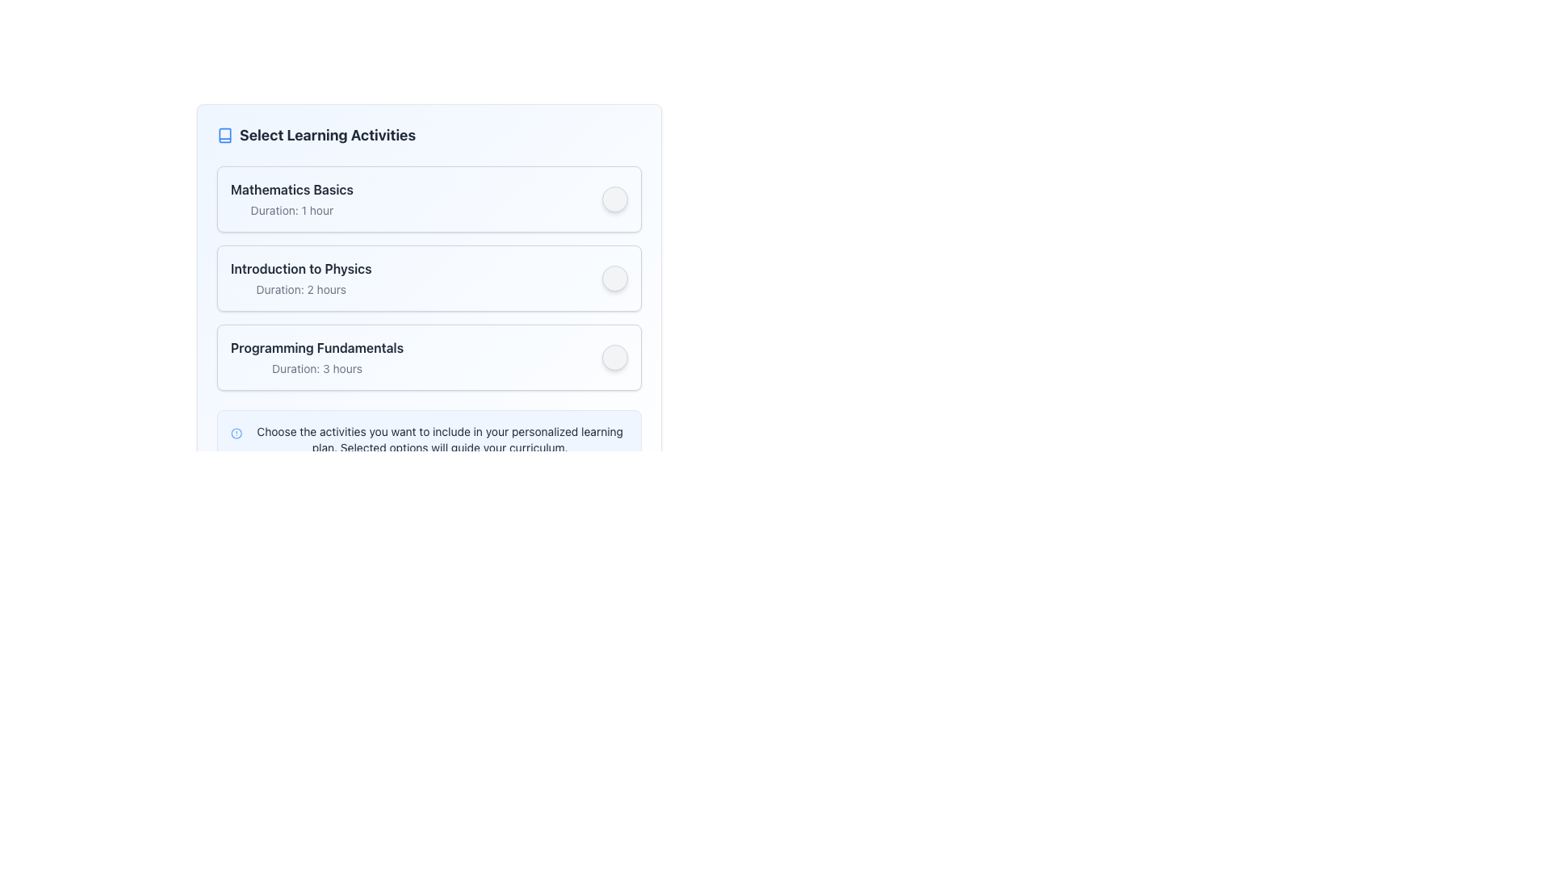  Describe the element at coordinates (236, 432) in the screenshot. I see `the SVG-based informational or alert icon positioned to the left of the text block that reads 'Choose the activities you want to include in your personalized learning plan.'` at that location.